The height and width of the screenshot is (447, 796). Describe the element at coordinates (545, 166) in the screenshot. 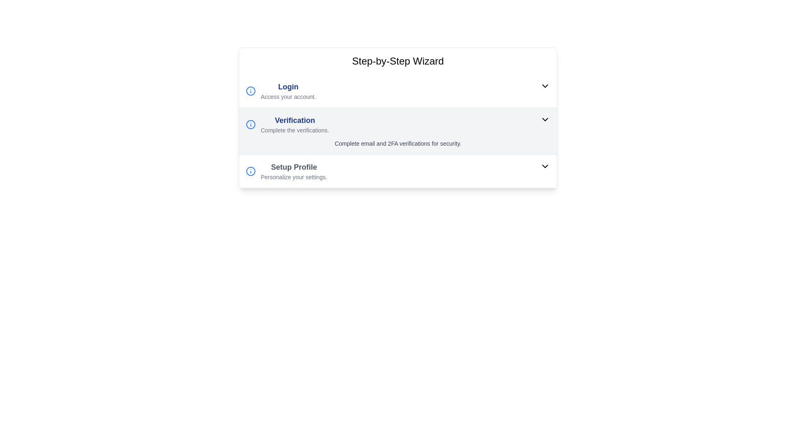

I see `the downward-pointing chevron icon` at that location.